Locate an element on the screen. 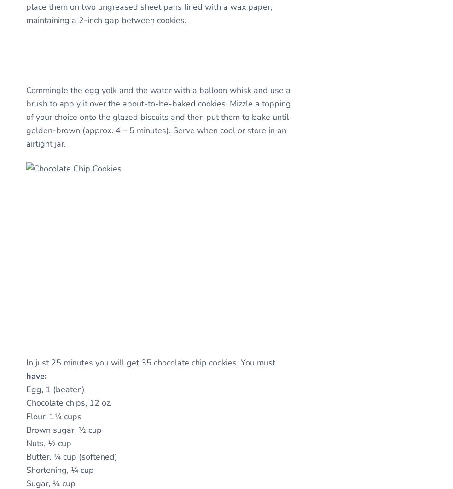 Image resolution: width=453 pixels, height=489 pixels. 'Shortening, ¼ cup' is located at coordinates (60, 469).